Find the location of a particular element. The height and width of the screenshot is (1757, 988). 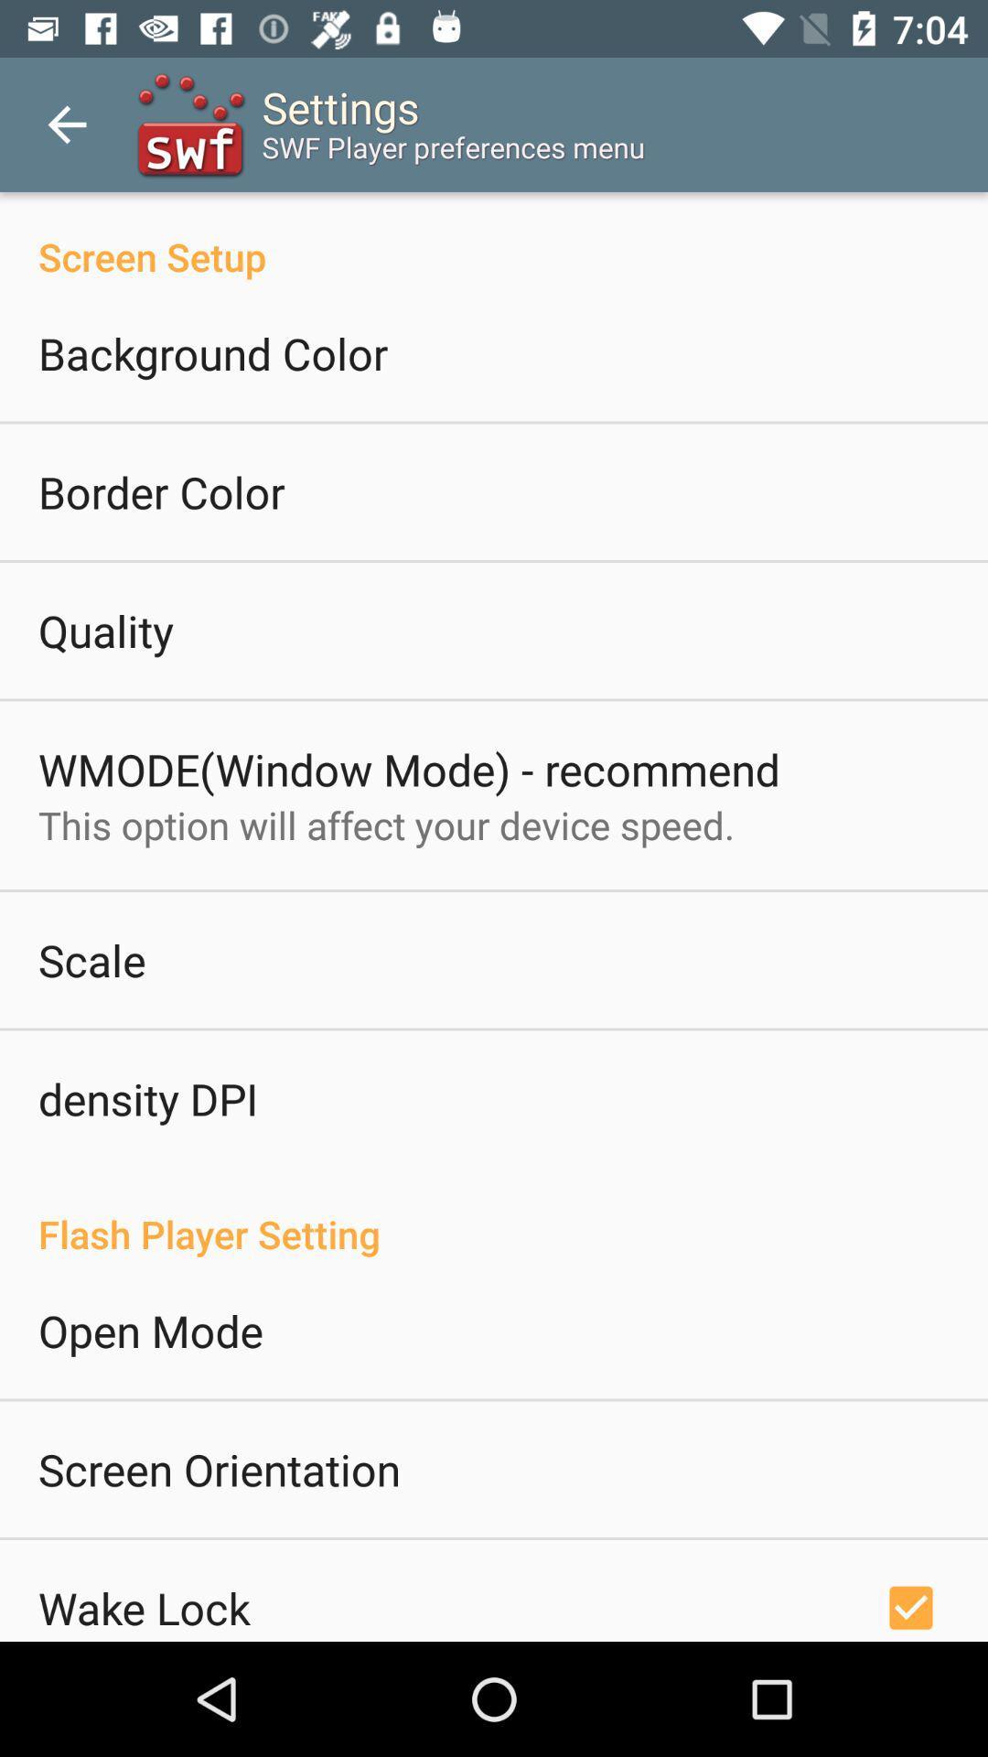

border color icon is located at coordinates (161, 491).